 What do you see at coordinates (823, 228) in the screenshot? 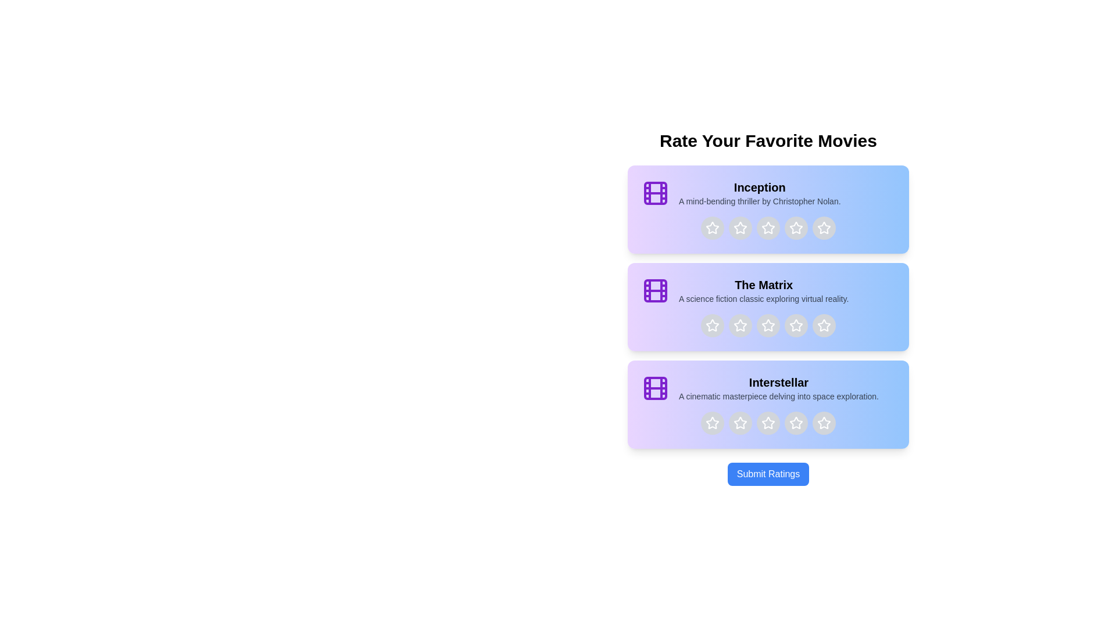
I see `the star corresponding to 5 stars for the movie titled Inception` at bounding box center [823, 228].